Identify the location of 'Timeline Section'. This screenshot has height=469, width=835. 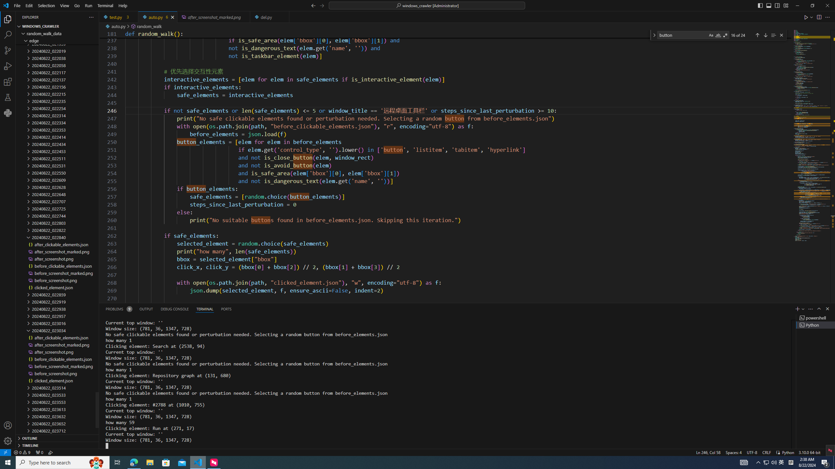
(57, 445).